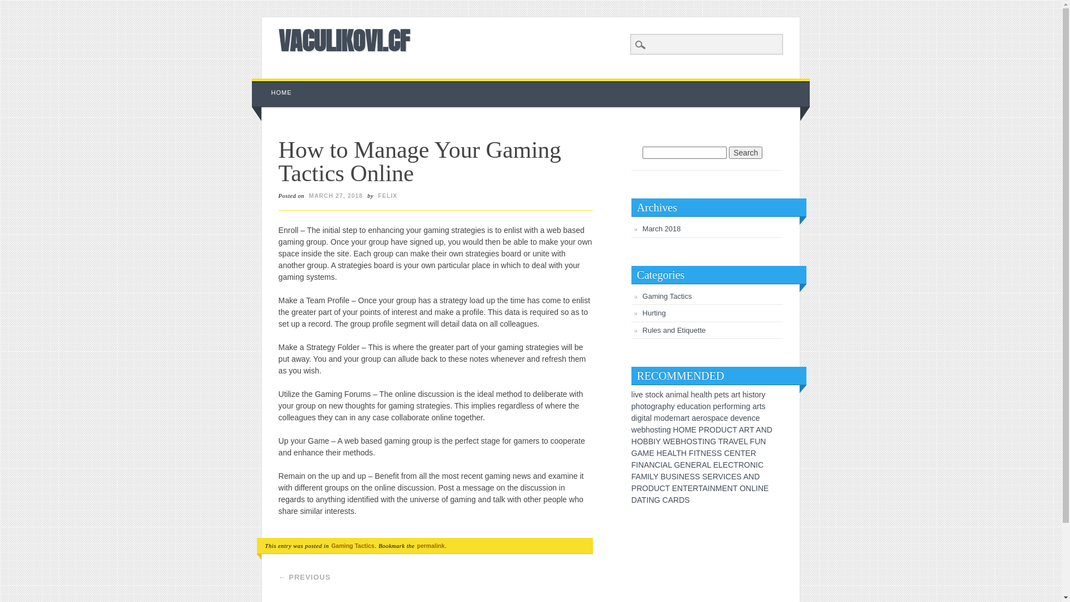  I want to click on 'L', so click(745, 440).